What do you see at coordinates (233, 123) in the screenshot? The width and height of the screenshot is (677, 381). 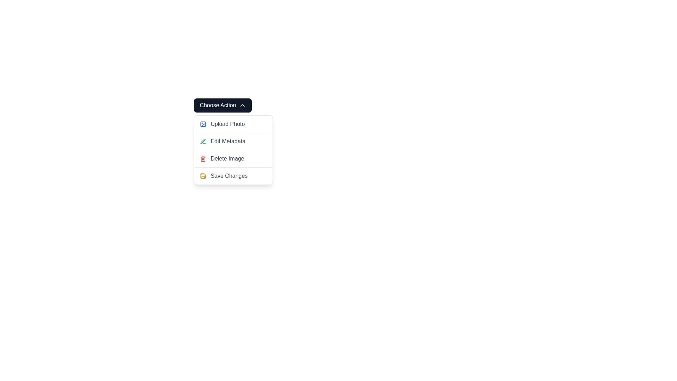 I see `the 'Upload Photo' button located at the top of the options list under the 'Choose Action' menu` at bounding box center [233, 123].